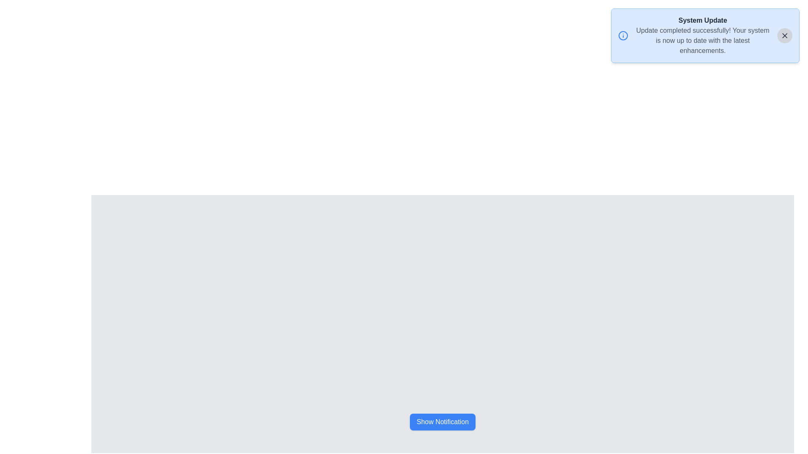  I want to click on the information icon to access further actions, so click(623, 35).